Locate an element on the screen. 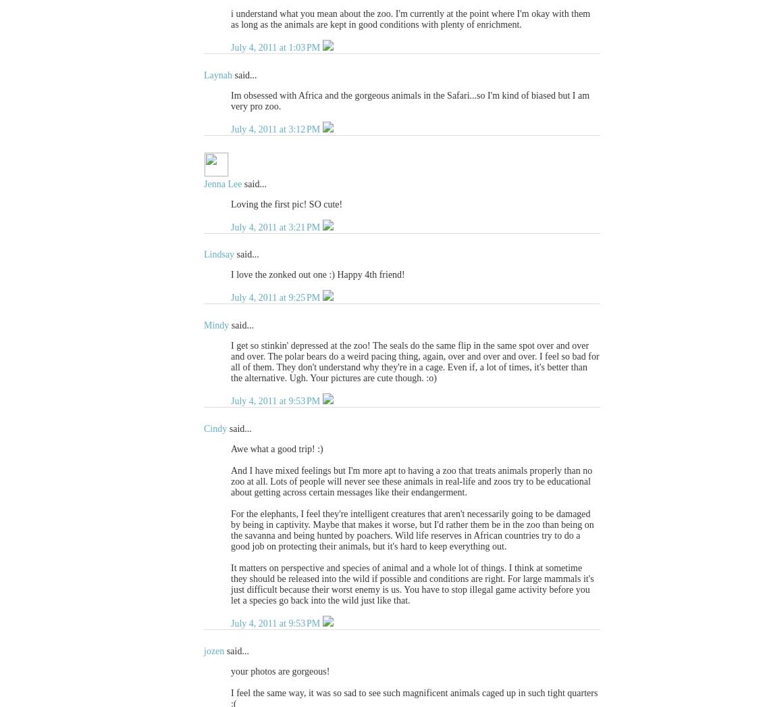 The width and height of the screenshot is (765, 707). 'Mindy' is located at coordinates (216, 325).